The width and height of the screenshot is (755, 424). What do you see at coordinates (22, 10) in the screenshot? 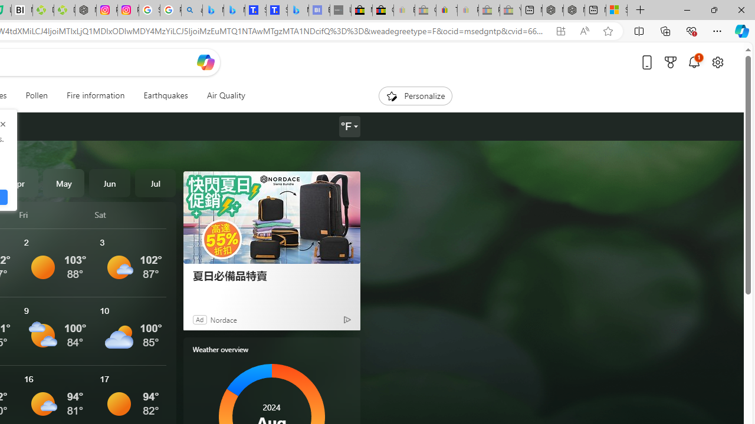
I see `'Nvidia va a poner a prueba la paciencia de los inversores'` at bounding box center [22, 10].